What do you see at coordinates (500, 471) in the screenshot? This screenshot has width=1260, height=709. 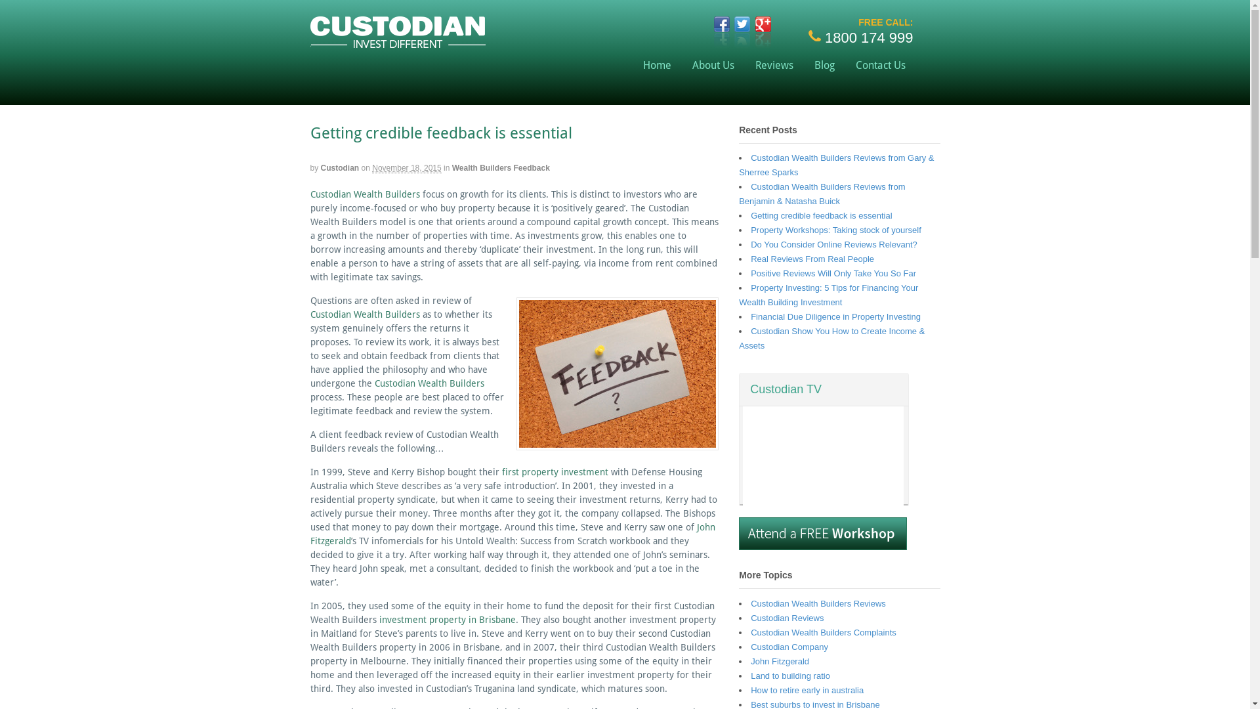 I see `'first property investment'` at bounding box center [500, 471].